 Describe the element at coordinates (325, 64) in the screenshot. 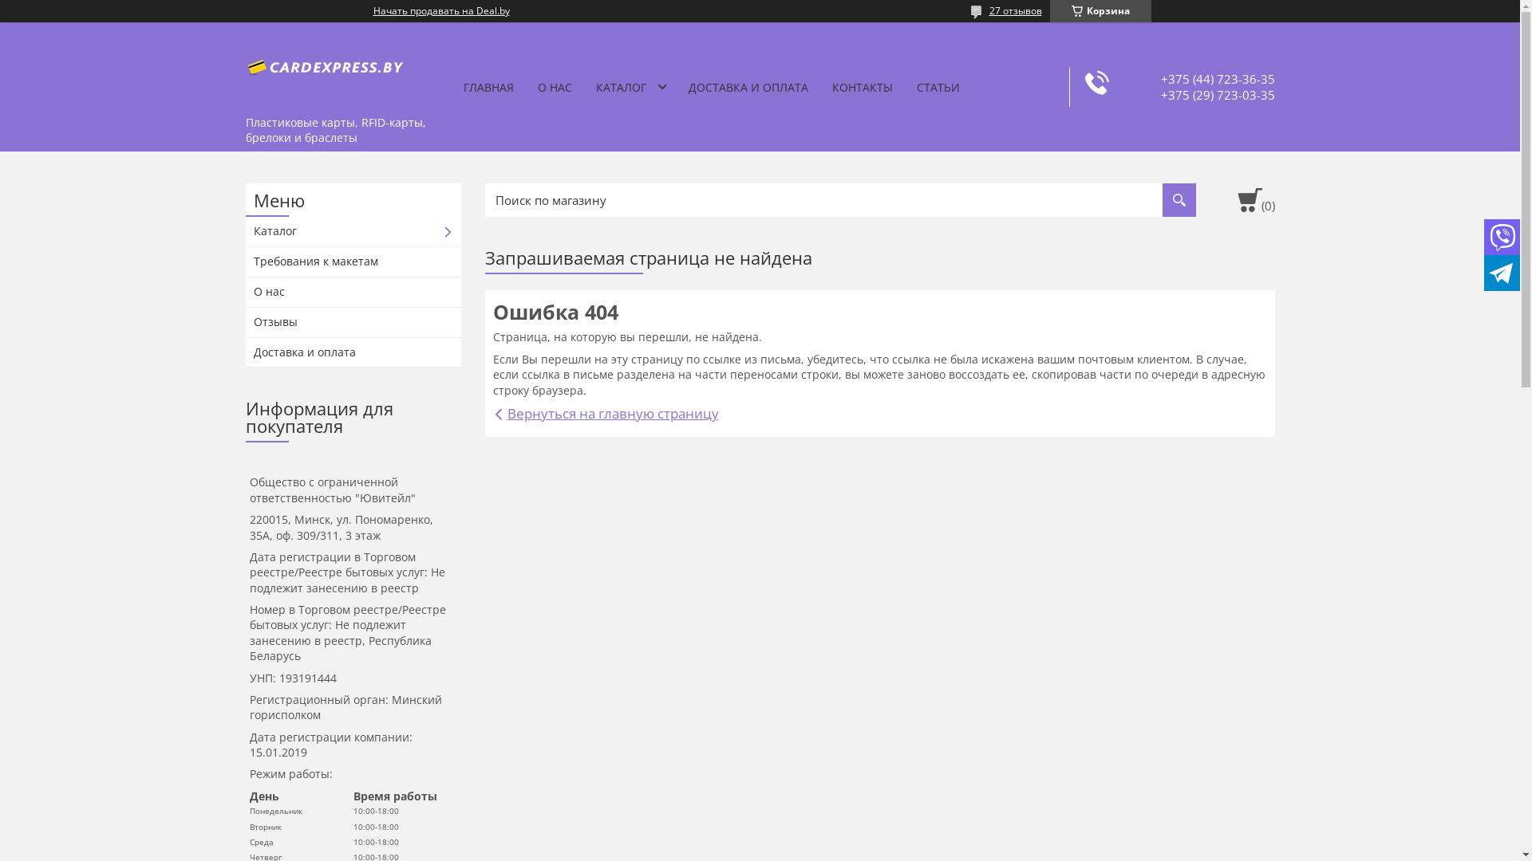

I see `'CARDEXPRESS.BY'` at that location.